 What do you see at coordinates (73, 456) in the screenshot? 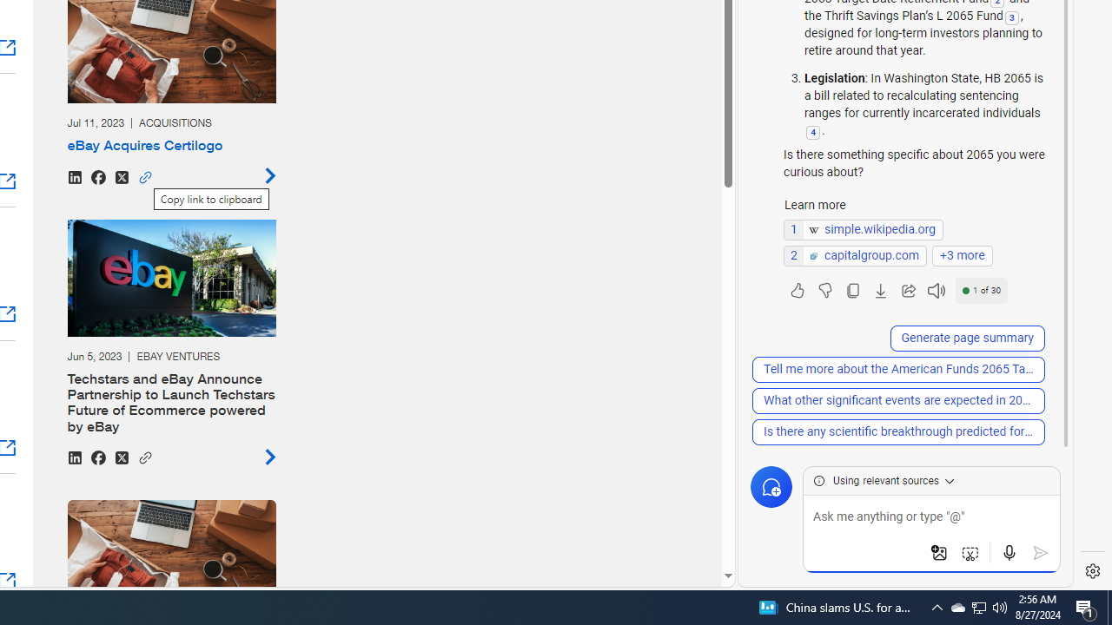
I see `'Share on LinkedIn'` at bounding box center [73, 456].